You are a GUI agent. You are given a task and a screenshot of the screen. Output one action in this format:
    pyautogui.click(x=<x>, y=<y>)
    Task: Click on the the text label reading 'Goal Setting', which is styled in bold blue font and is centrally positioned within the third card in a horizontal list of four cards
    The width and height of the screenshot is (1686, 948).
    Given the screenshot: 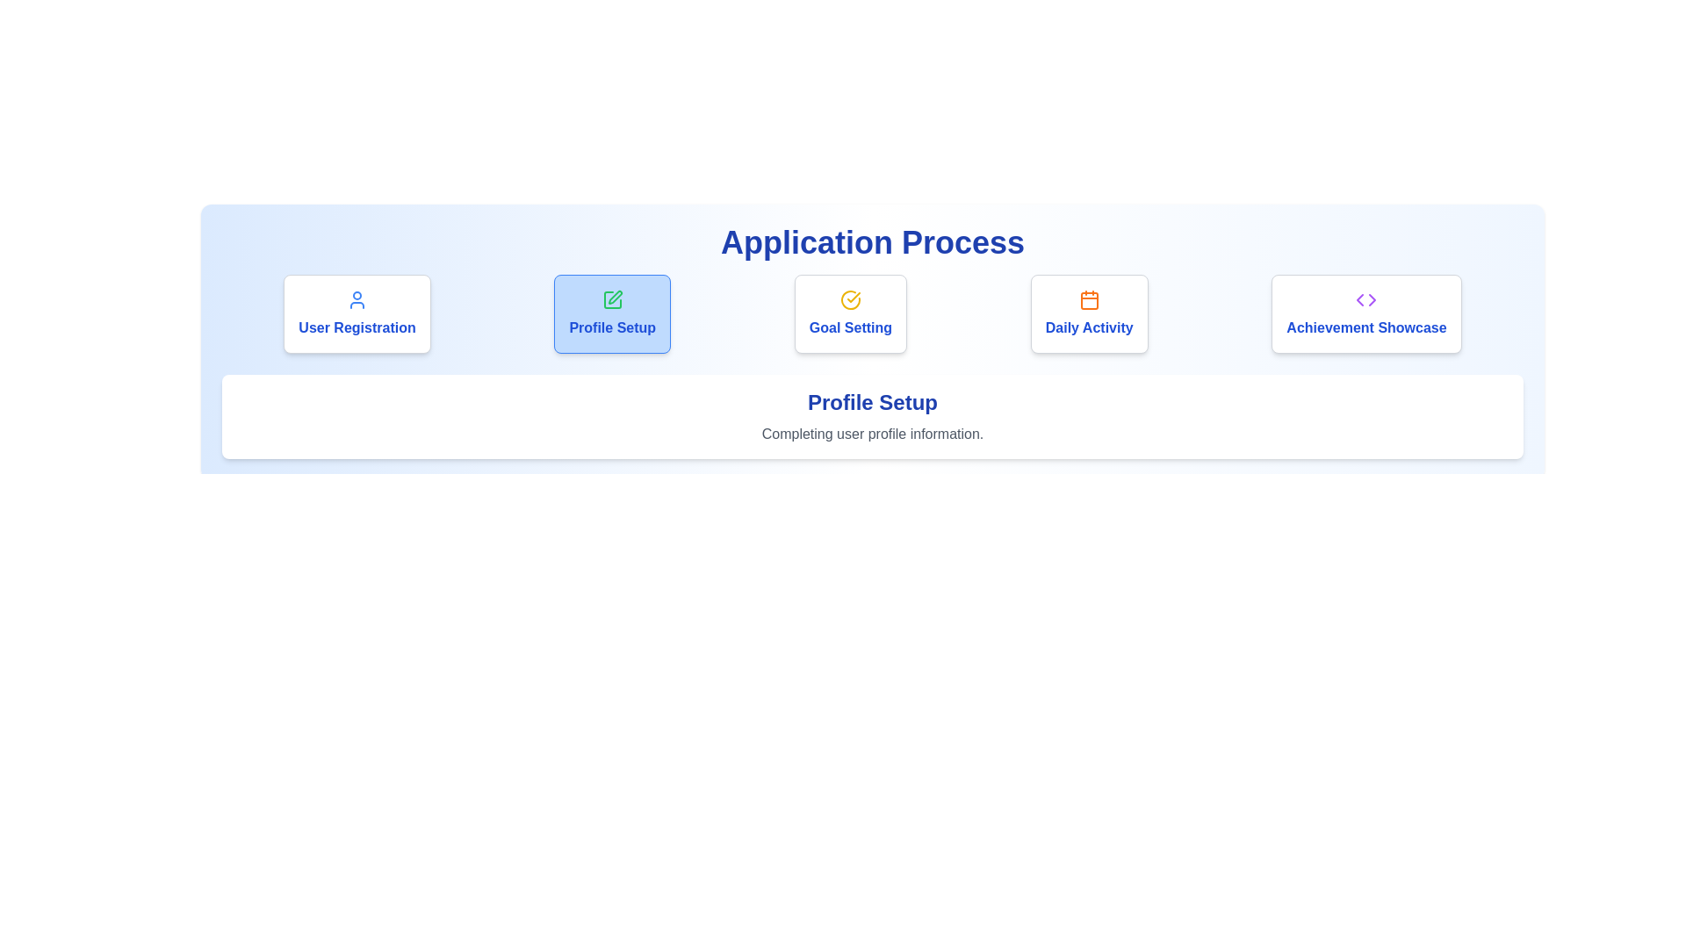 What is the action you would take?
    pyautogui.click(x=851, y=328)
    